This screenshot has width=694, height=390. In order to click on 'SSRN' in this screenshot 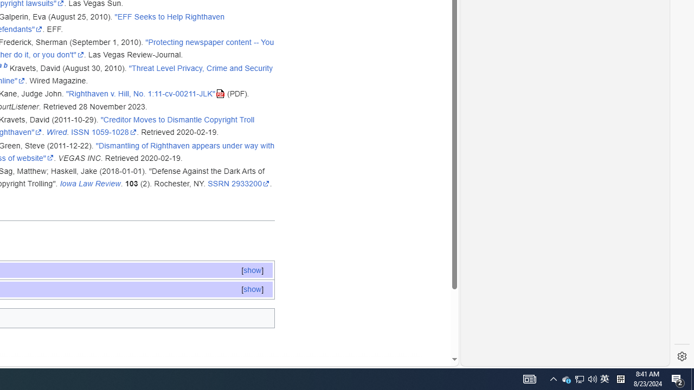, I will do `click(218, 183)`.